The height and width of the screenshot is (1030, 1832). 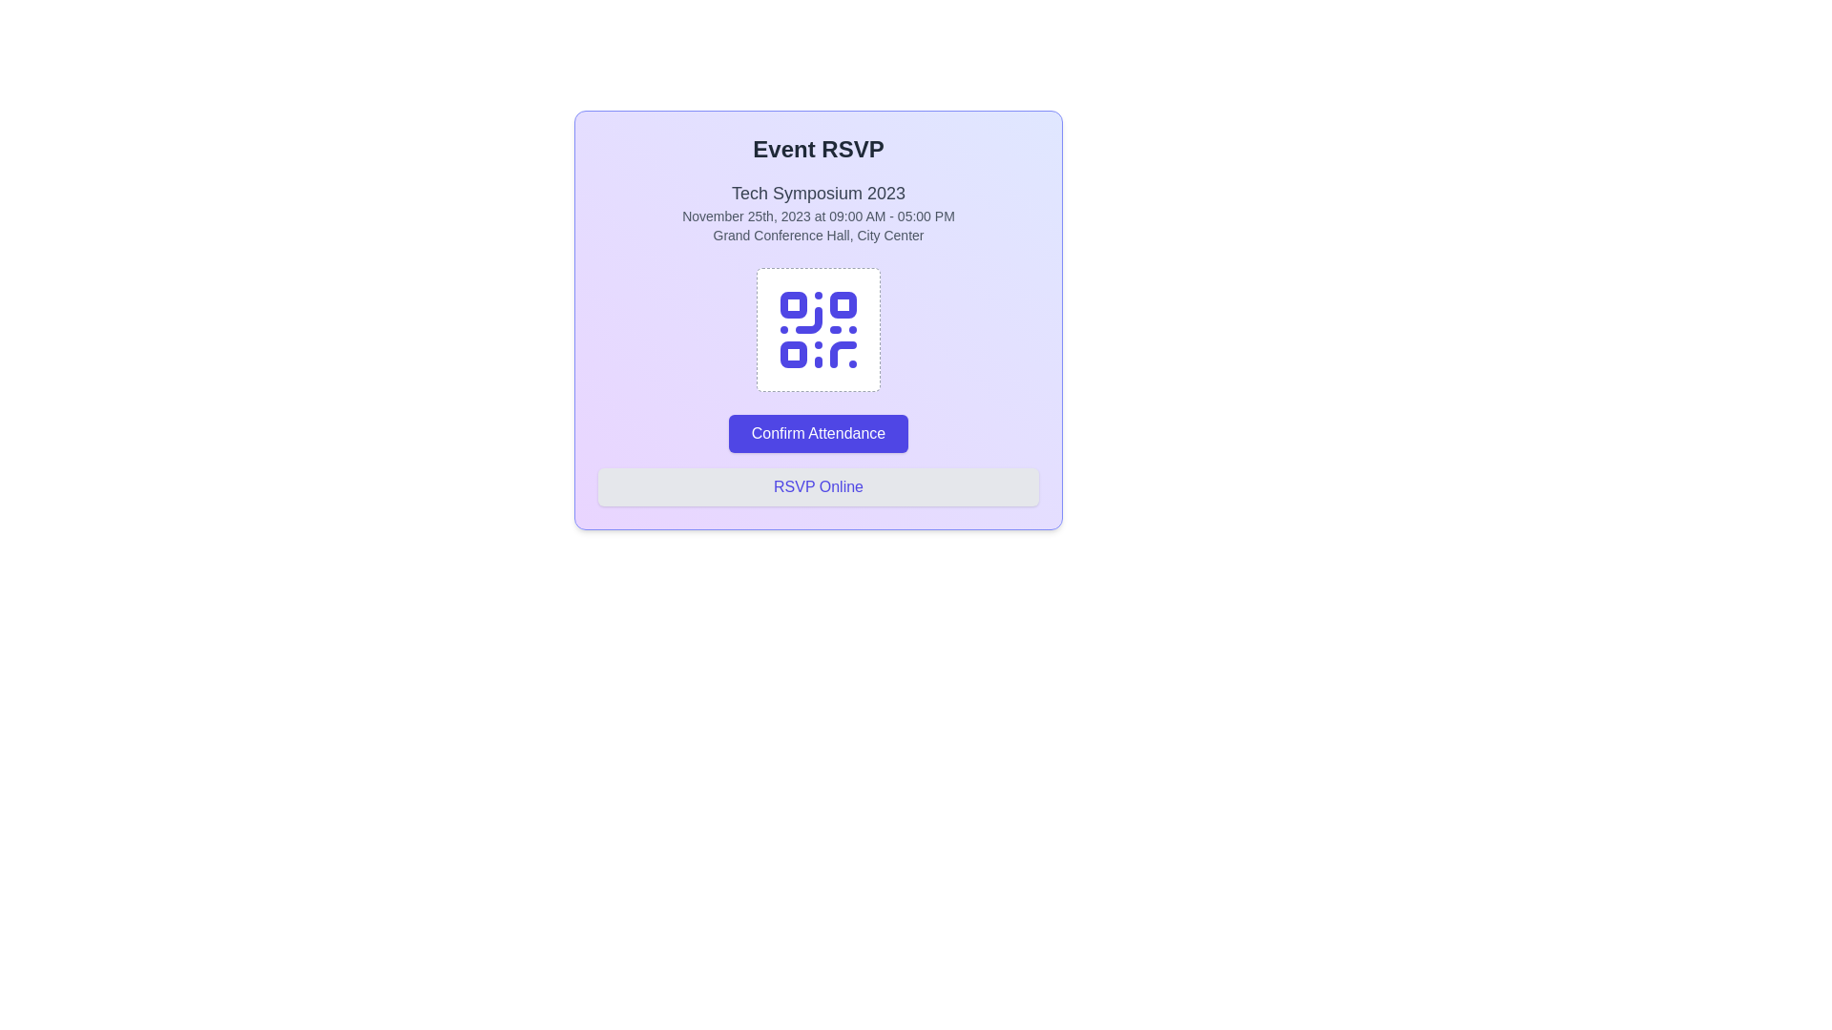 I want to click on the visual icon representing a QR code in the RSVP card interface, which is centrally positioned below the event title and description, so click(x=819, y=329).